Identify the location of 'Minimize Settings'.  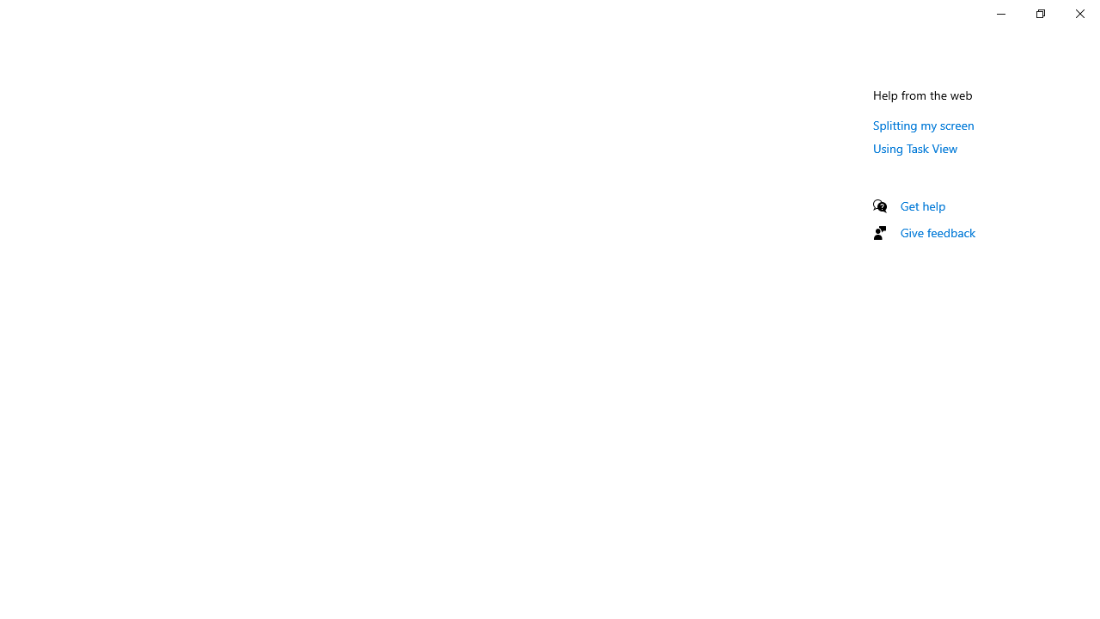
(1000, 13).